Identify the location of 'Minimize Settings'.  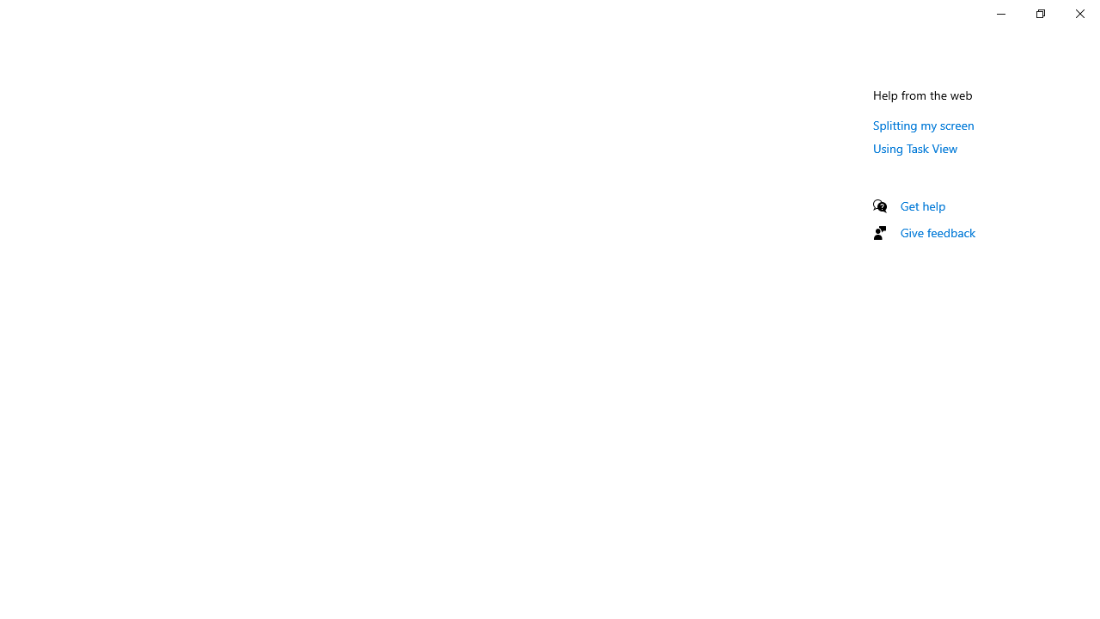
(1000, 13).